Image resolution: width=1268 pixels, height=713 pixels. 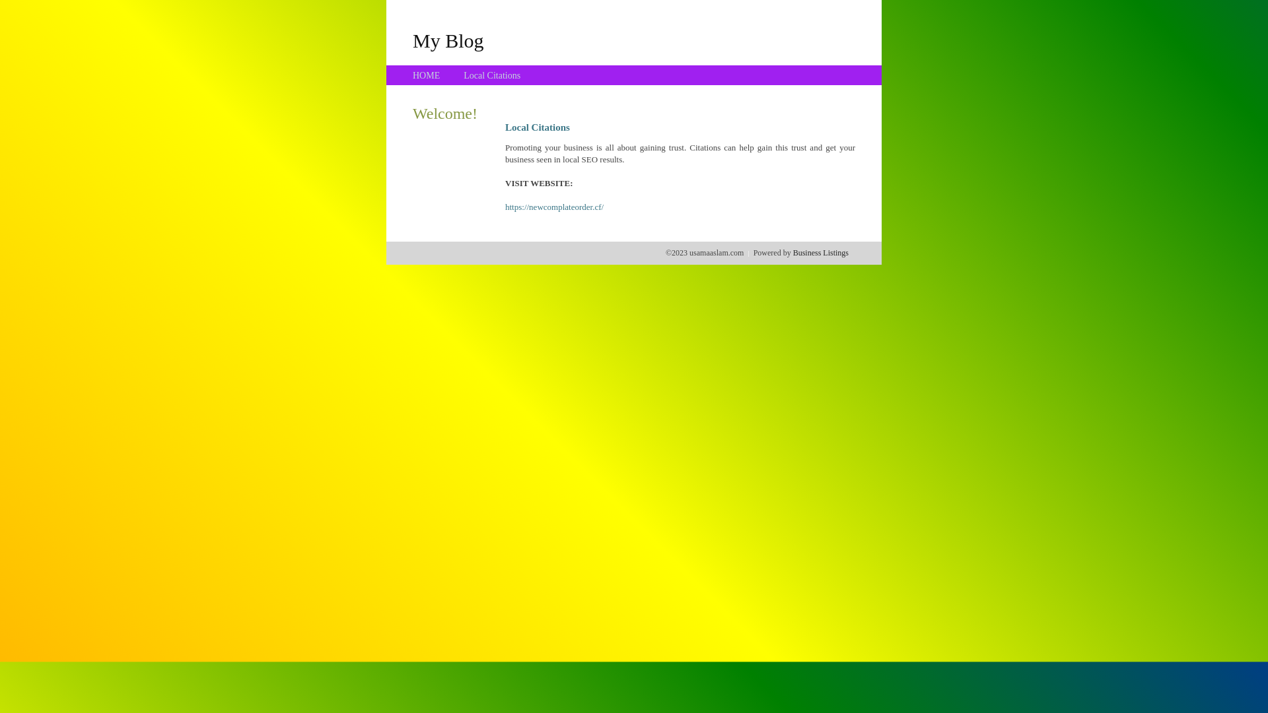 What do you see at coordinates (820, 252) in the screenshot?
I see `'Business Listings'` at bounding box center [820, 252].